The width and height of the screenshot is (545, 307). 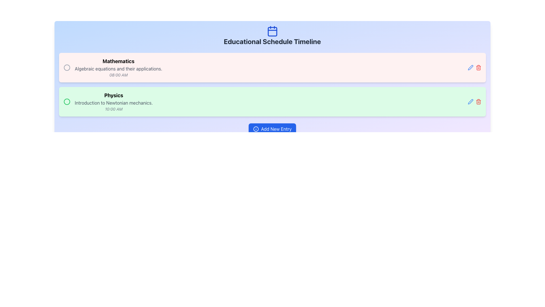 What do you see at coordinates (114, 95) in the screenshot?
I see `the bold, large-font text label displaying the word 'Physics' which is located in the middle section of the green-colored background card` at bounding box center [114, 95].